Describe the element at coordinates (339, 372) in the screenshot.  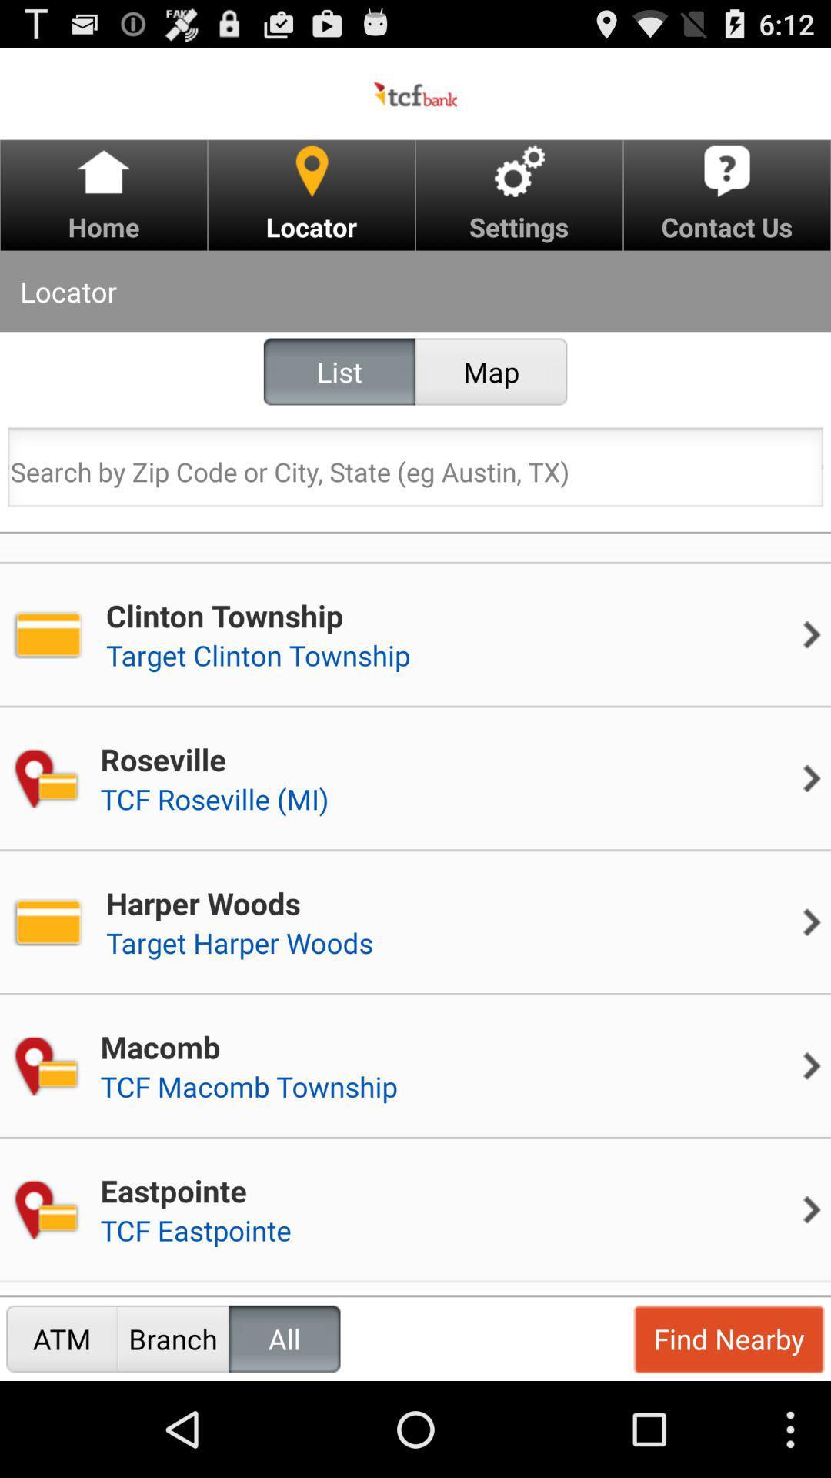
I see `the app below locator item` at that location.